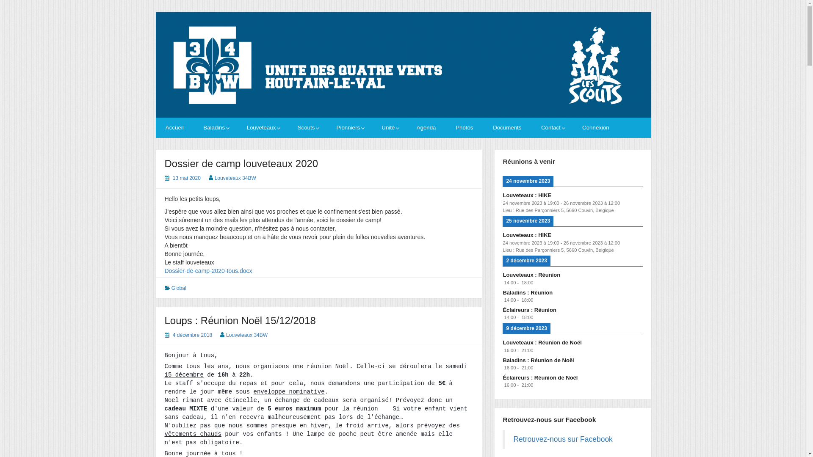 The image size is (813, 457). Describe the element at coordinates (426, 127) in the screenshot. I see `'Agenda'` at that location.